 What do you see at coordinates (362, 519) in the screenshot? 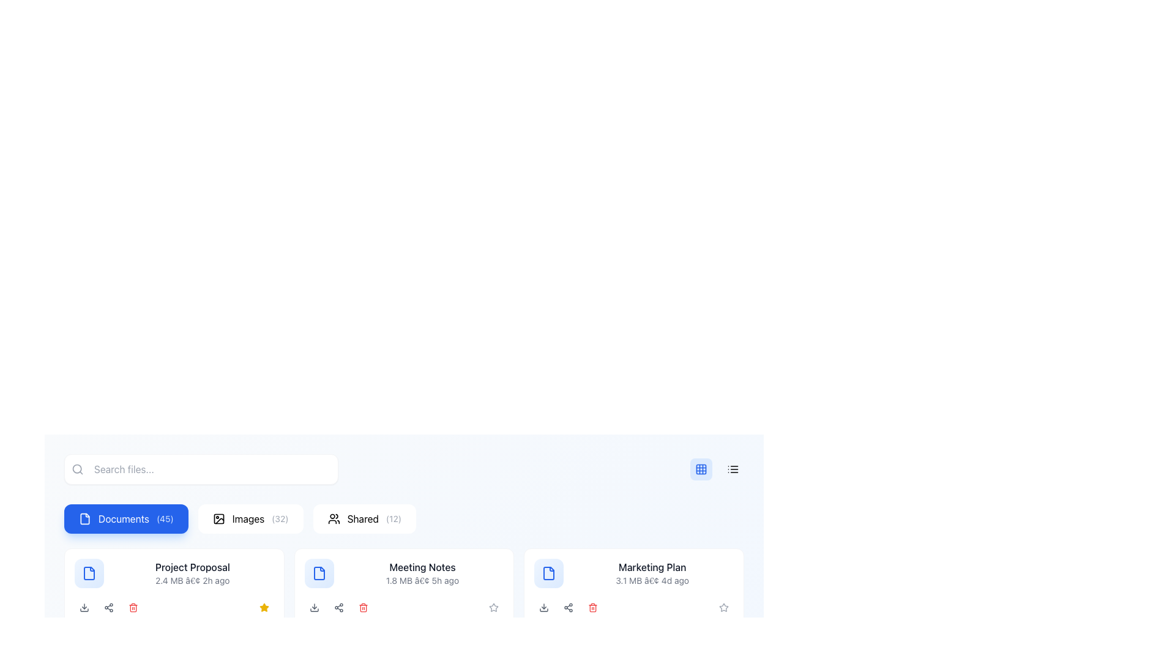
I see `the text element displaying 'Shared' within the navigation bar` at bounding box center [362, 519].